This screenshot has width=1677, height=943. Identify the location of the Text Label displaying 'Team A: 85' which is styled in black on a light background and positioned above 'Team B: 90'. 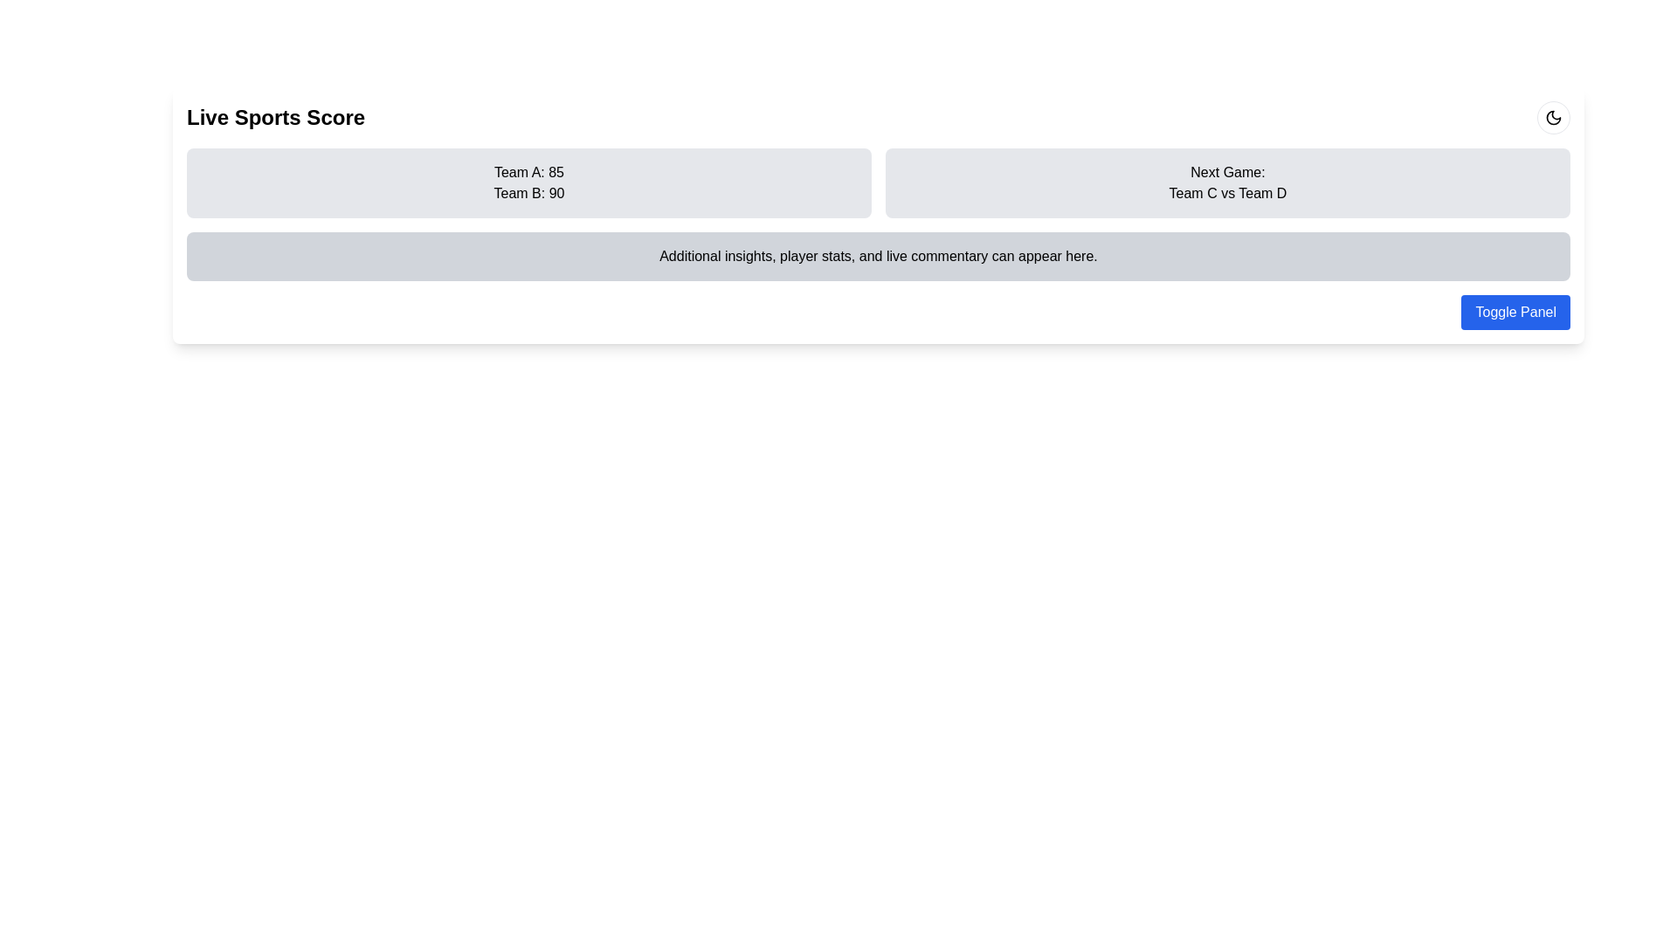
(528, 172).